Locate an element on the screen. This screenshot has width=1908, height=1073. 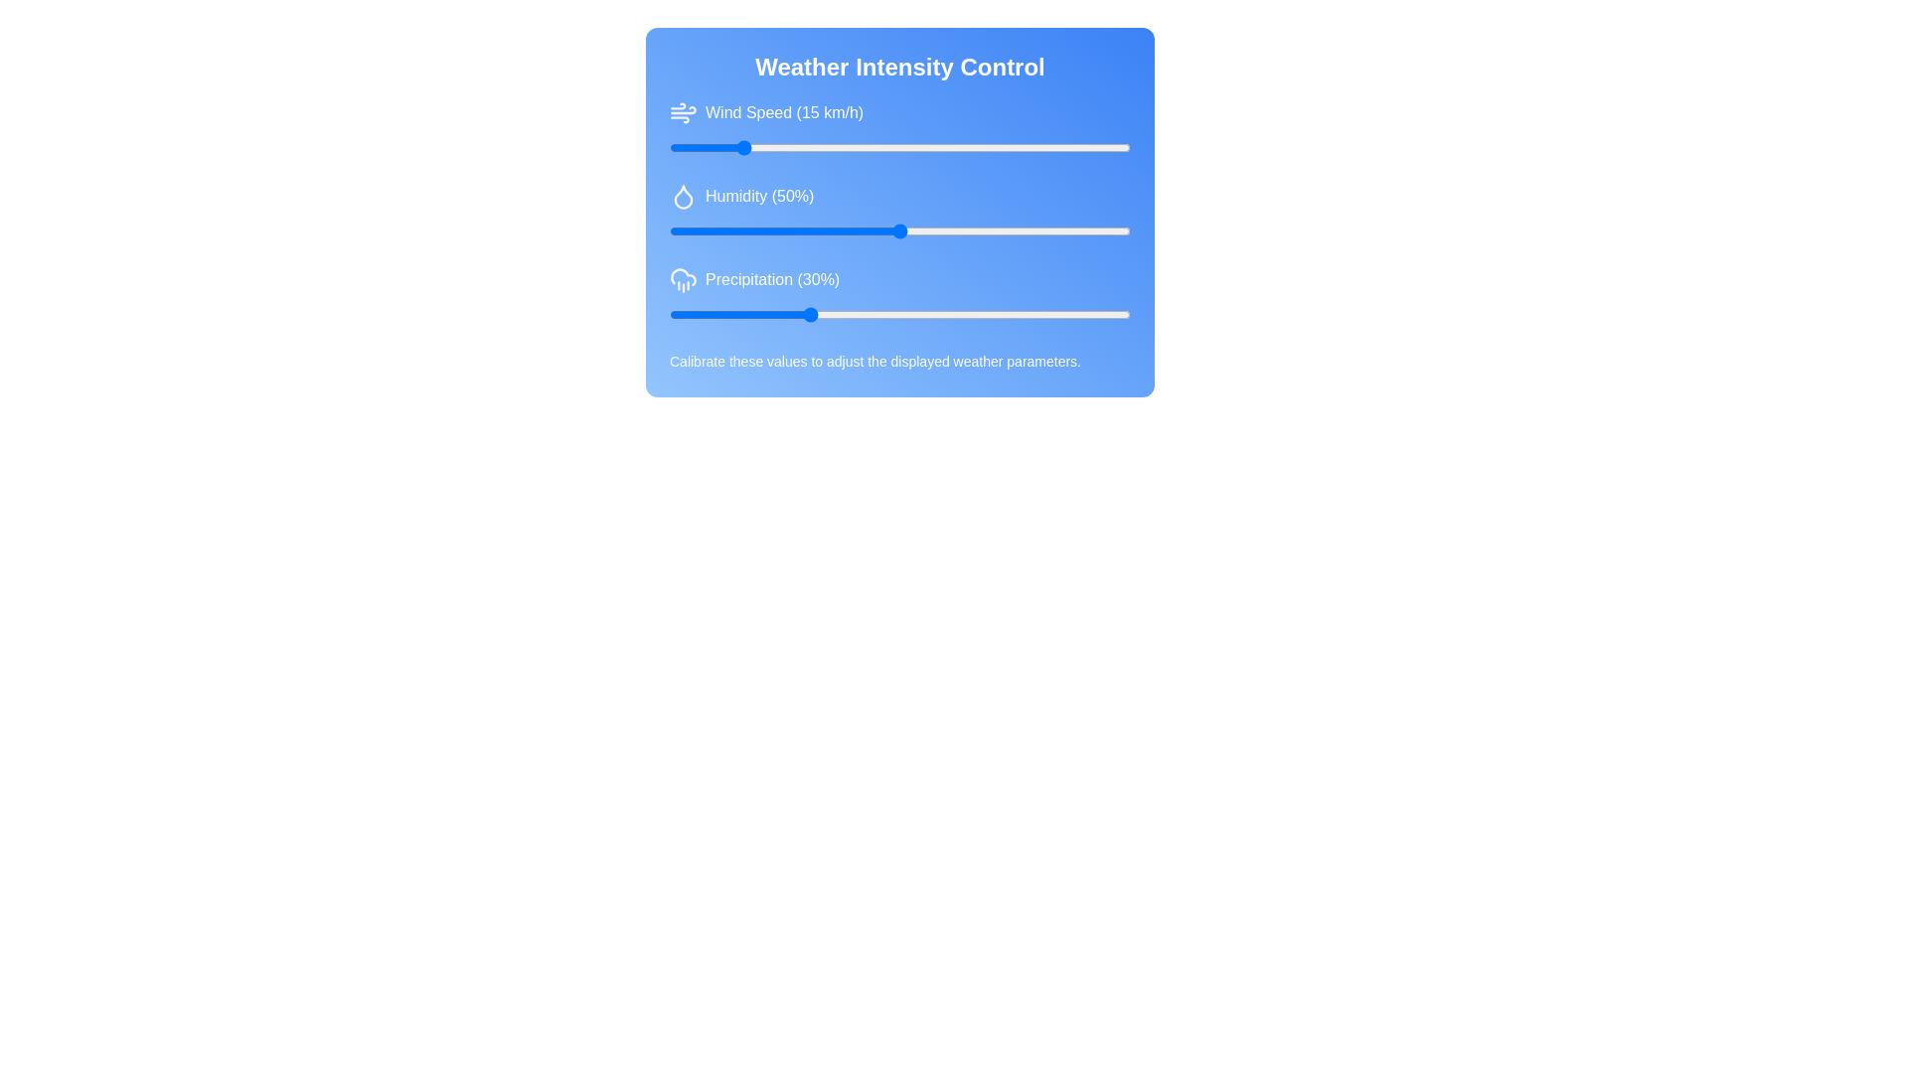
the wind speed is located at coordinates (955, 147).